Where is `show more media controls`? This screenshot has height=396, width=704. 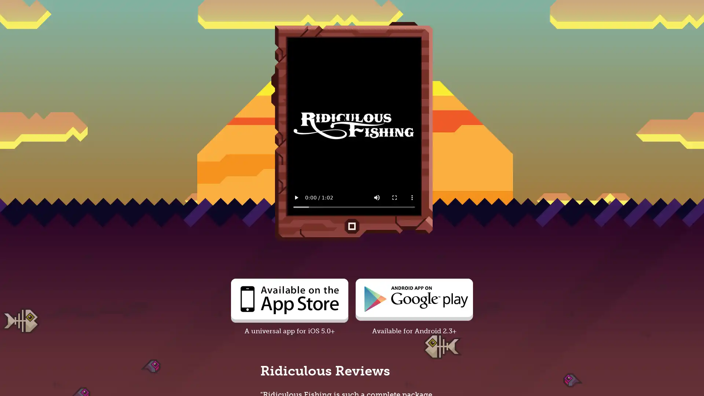
show more media controls is located at coordinates (412, 197).